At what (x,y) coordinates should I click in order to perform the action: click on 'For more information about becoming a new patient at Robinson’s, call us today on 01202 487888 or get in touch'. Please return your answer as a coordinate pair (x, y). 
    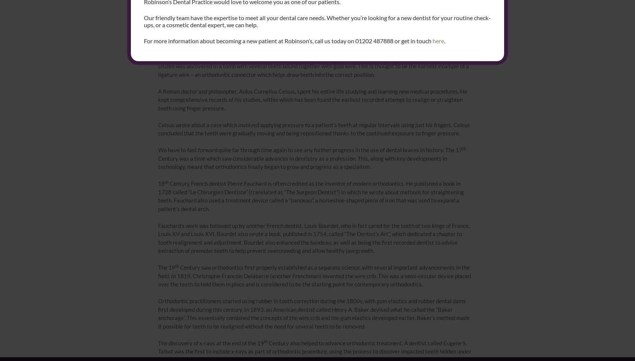
    Looking at the image, I should click on (287, 41).